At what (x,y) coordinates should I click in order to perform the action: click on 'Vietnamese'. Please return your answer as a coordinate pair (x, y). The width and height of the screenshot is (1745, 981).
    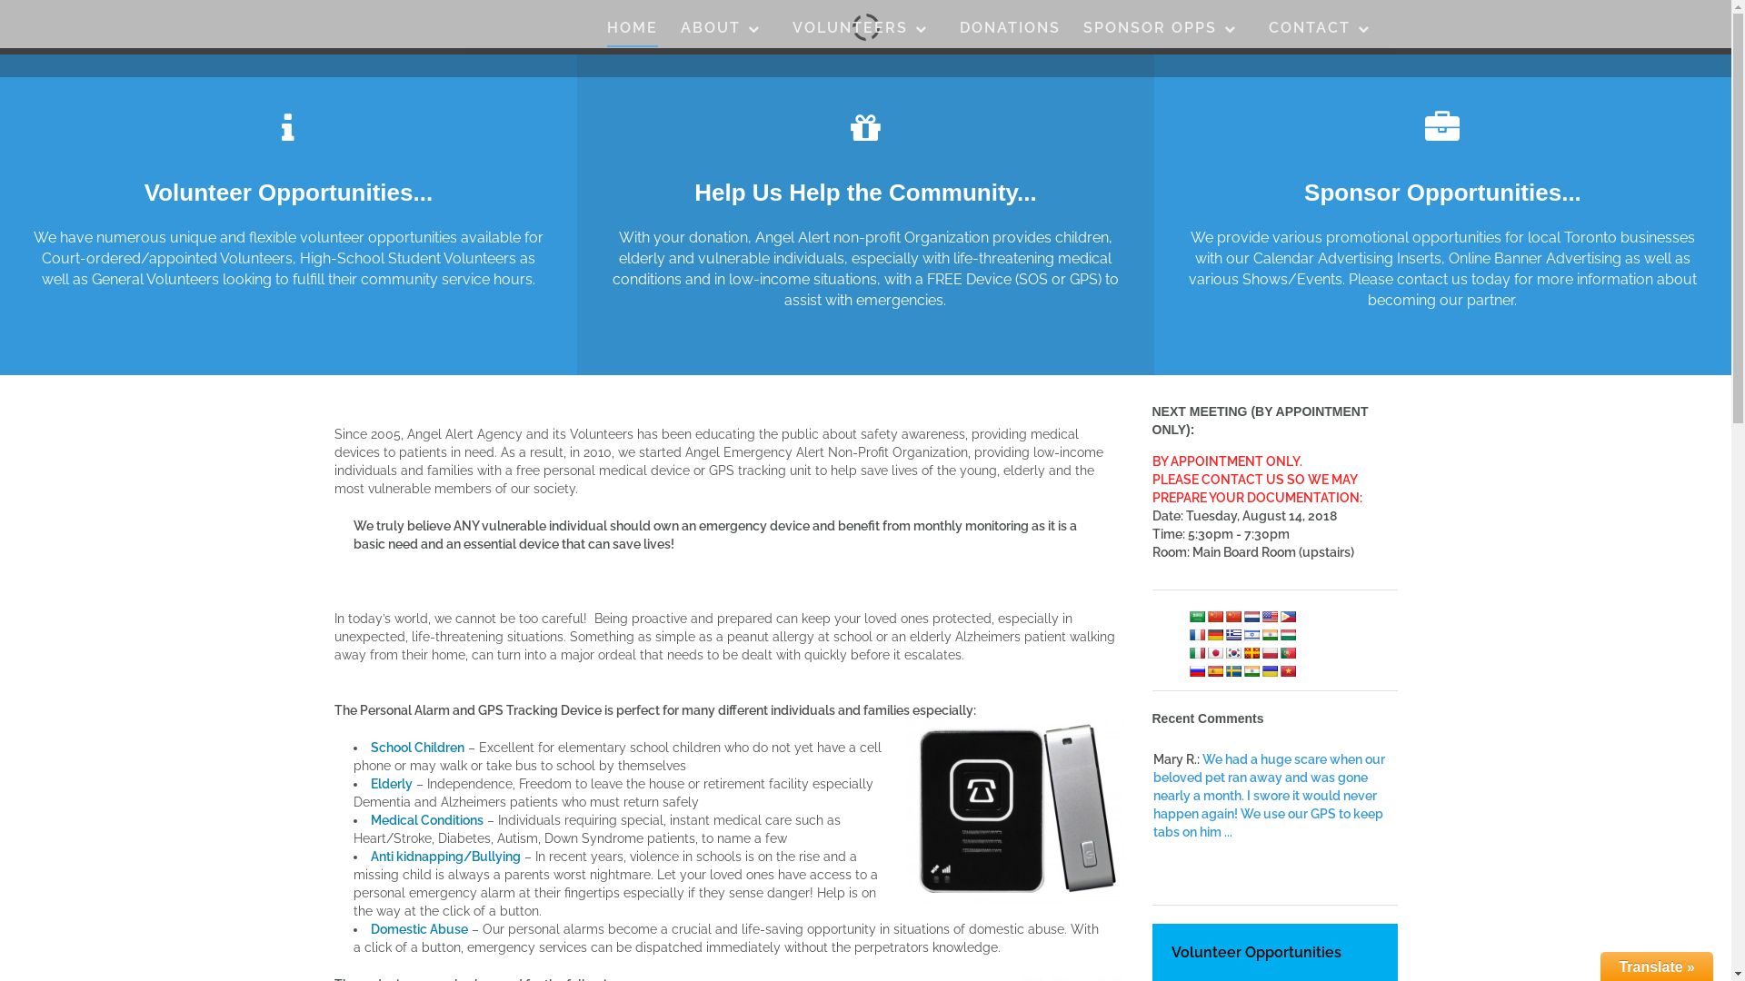
    Looking at the image, I should click on (1278, 669).